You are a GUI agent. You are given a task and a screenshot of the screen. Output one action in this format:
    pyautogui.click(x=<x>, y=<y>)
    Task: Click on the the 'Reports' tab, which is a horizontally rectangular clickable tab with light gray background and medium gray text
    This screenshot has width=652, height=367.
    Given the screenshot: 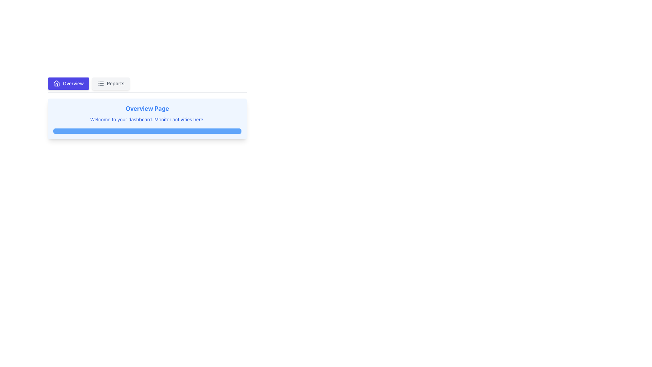 What is the action you would take?
    pyautogui.click(x=111, y=83)
    